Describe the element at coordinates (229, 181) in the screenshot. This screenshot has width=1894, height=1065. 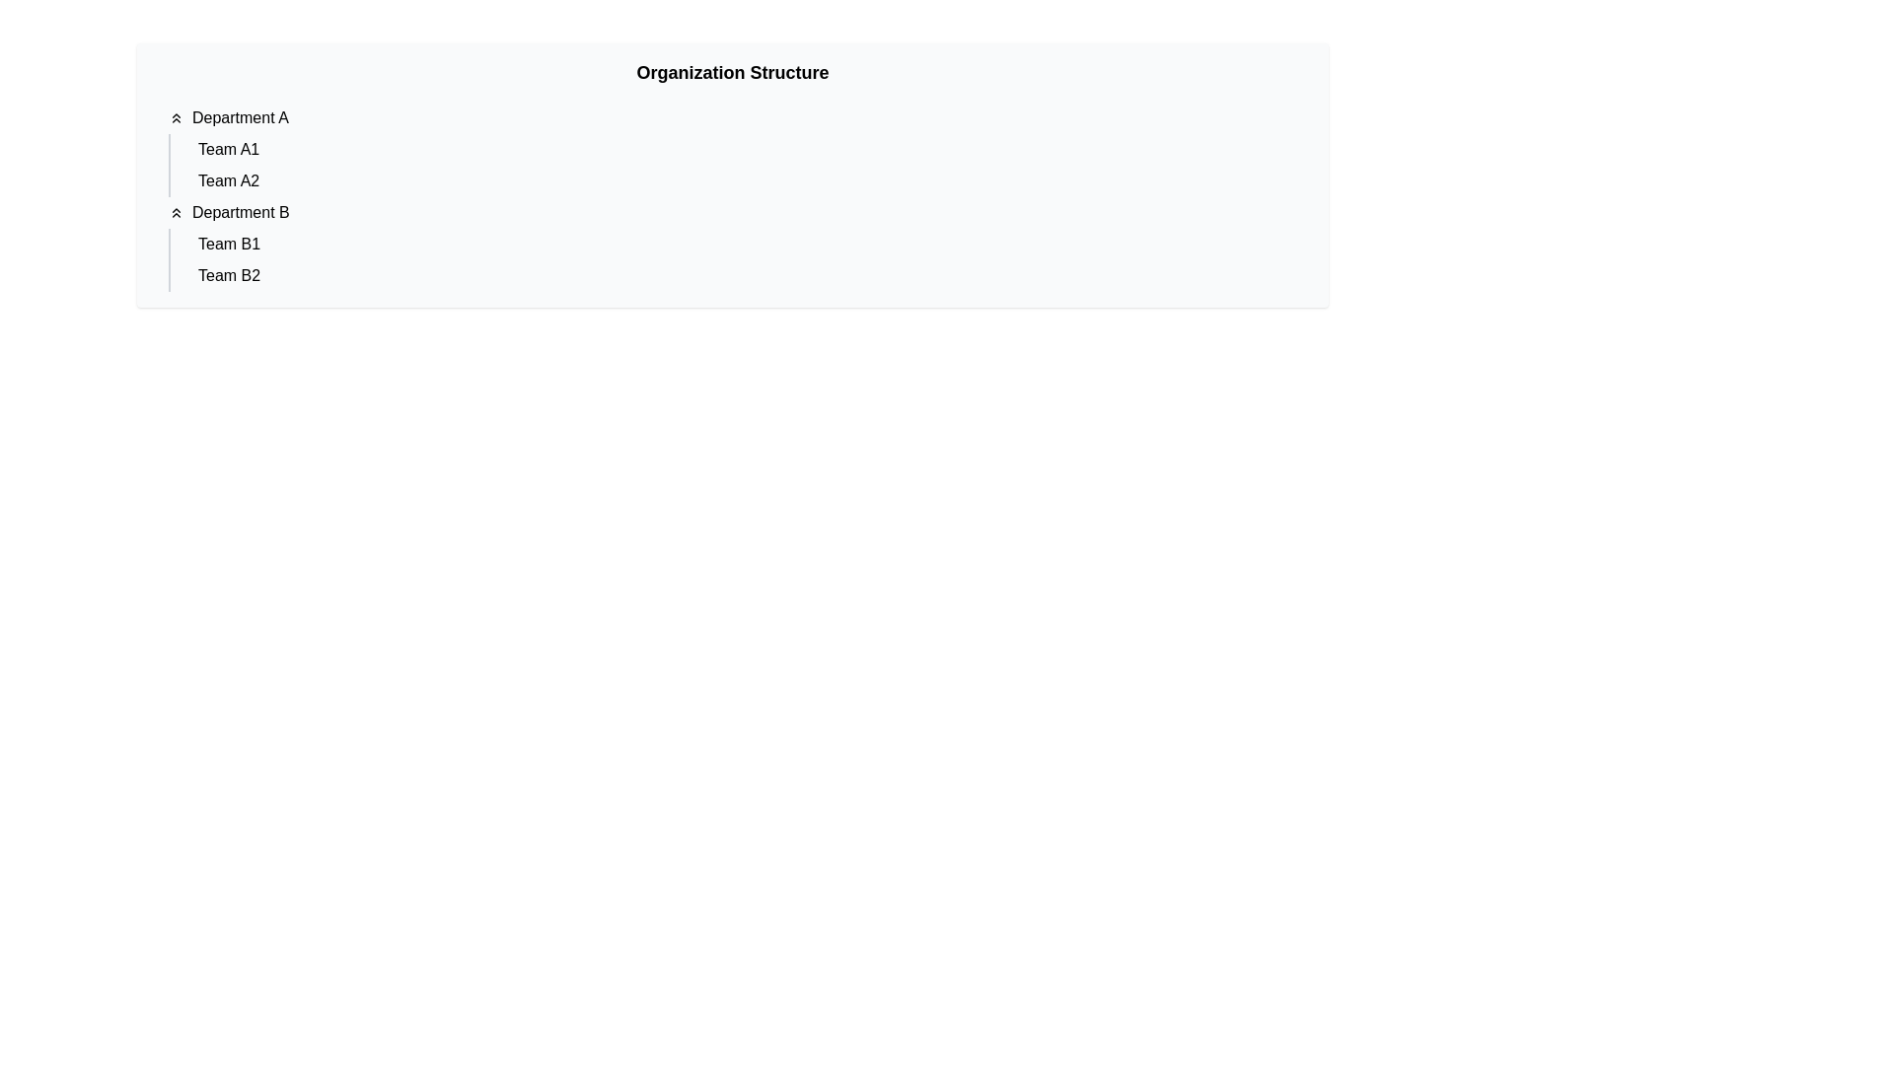
I see `the static text label representing 'Team A2' in the organizational structure, which is located under 'Department A' and directly below 'Team A1'` at that location.